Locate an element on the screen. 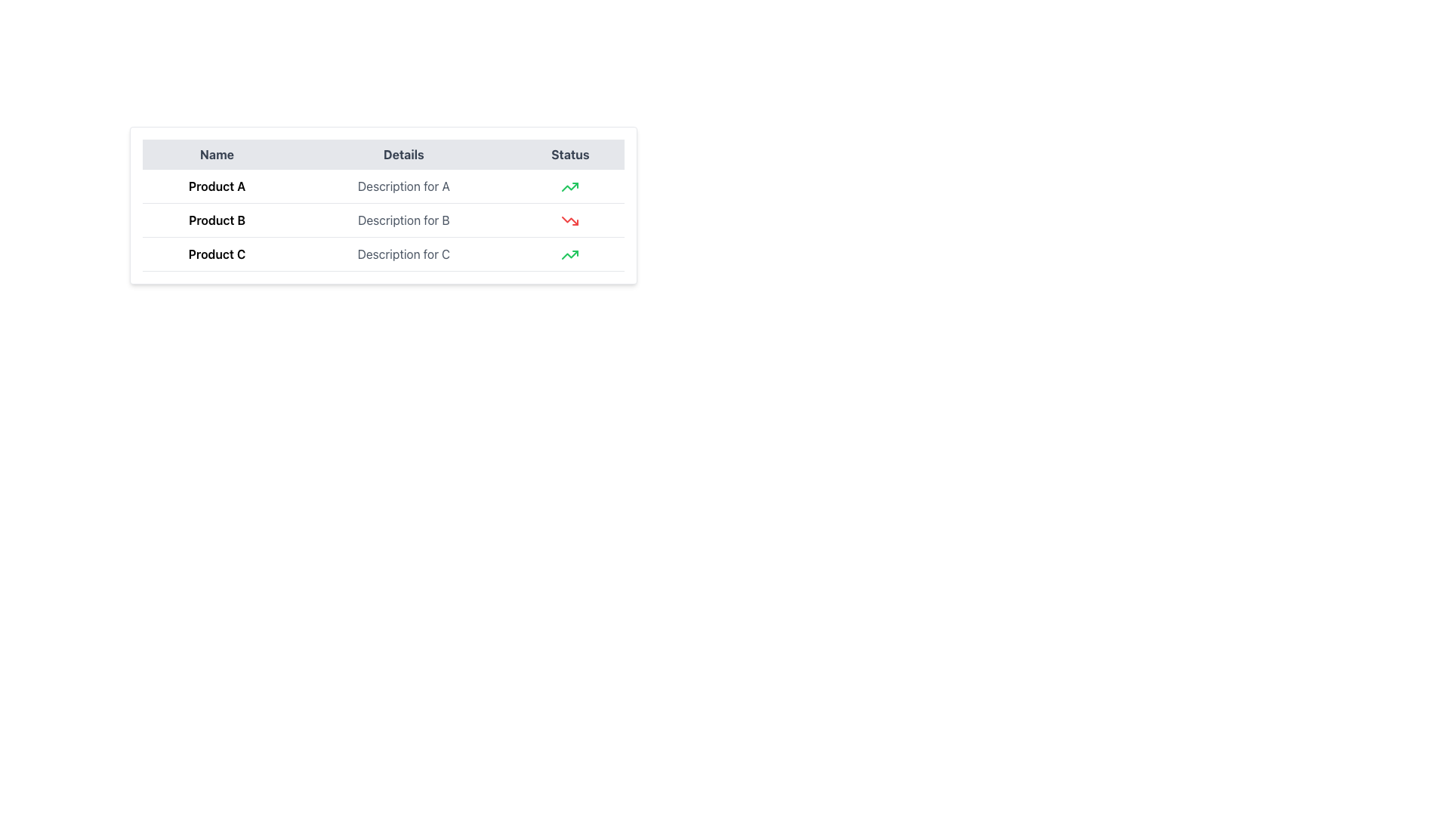 The image size is (1450, 815). the table header row containing the words 'Name', 'Details', and 'Status', which has a gray background and dark text is located at coordinates (384, 154).